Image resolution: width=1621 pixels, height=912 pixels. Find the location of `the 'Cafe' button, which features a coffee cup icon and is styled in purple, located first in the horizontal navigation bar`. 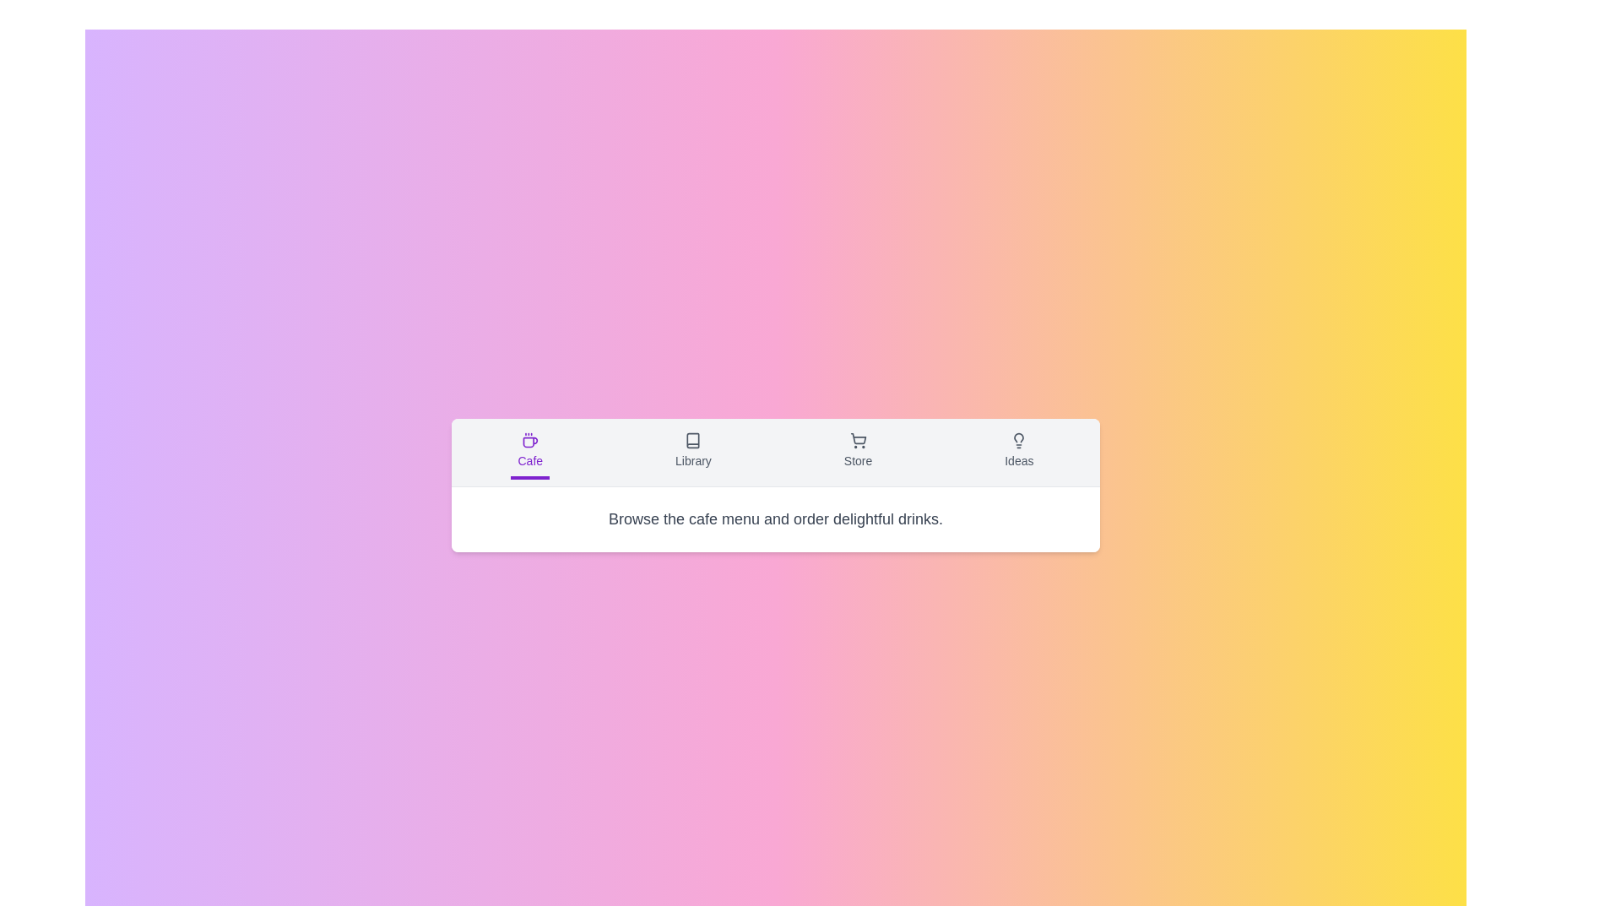

the 'Cafe' button, which features a coffee cup icon and is styled in purple, located first in the horizontal navigation bar is located at coordinates (529, 451).